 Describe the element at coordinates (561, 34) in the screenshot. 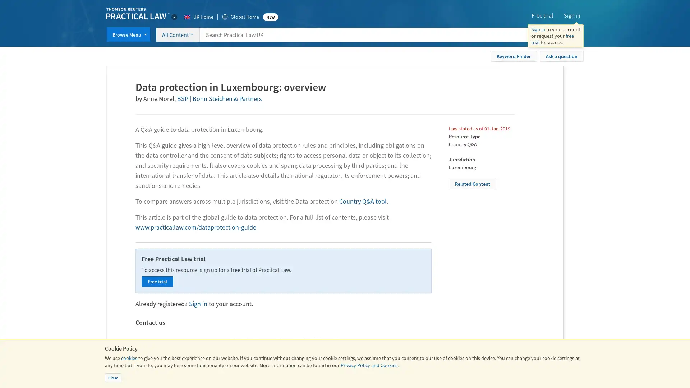

I see `More Info` at that location.